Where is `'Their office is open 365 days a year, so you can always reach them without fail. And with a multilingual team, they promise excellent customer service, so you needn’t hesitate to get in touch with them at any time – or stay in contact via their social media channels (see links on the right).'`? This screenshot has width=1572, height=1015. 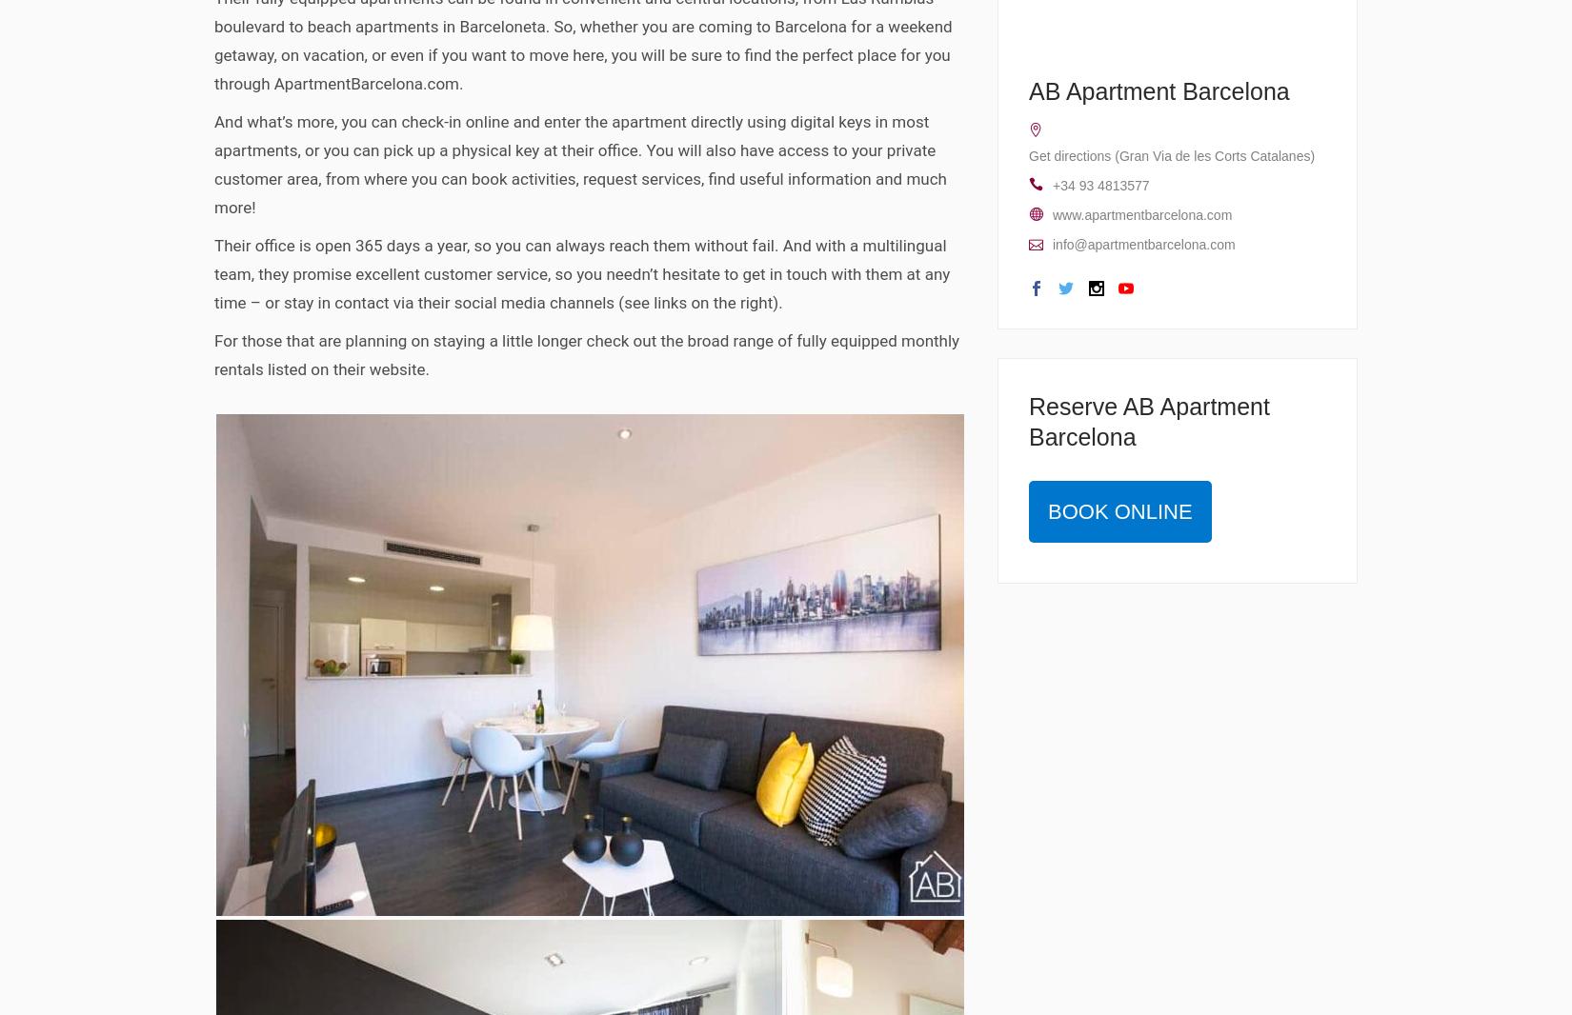
'Their office is open 365 days a year, so you can always reach them without fail. And with a multilingual team, they promise excellent customer service, so you needn’t hesitate to get in touch with them at any time – or stay in contact via their social media channels (see links on the right).' is located at coordinates (580, 272).